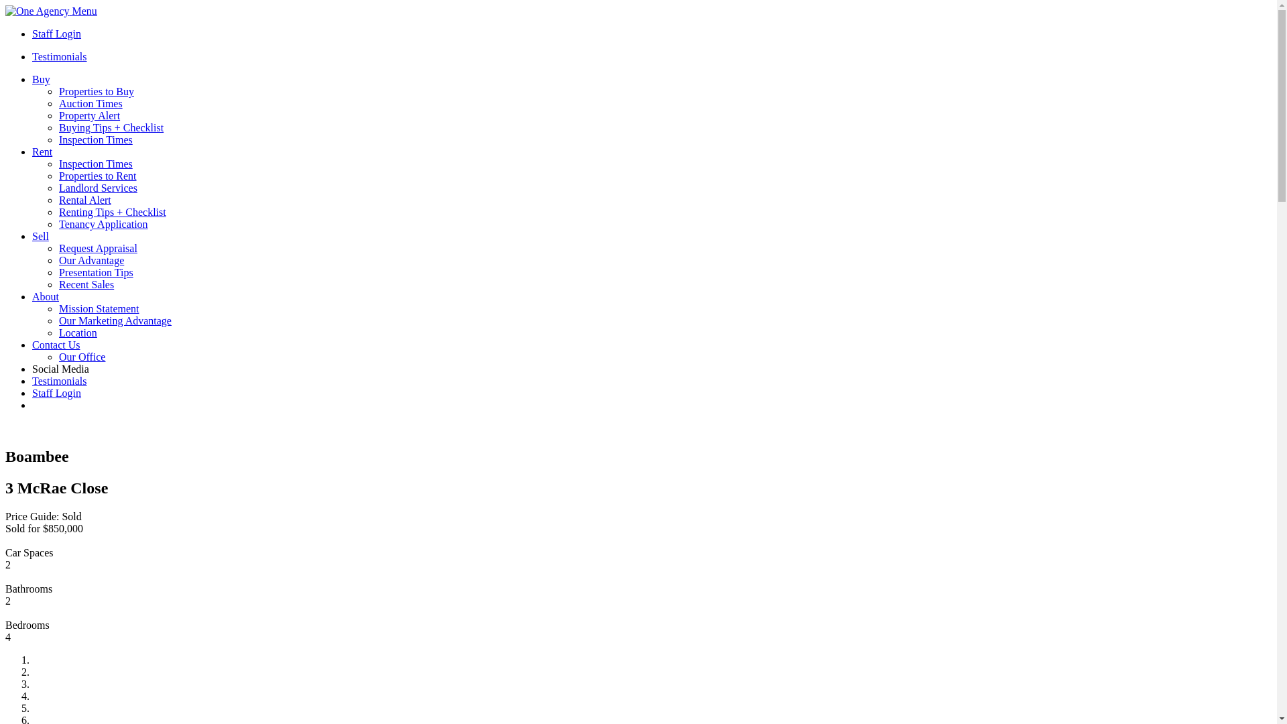  What do you see at coordinates (58, 211) in the screenshot?
I see `'Renting Tips + Checklist'` at bounding box center [58, 211].